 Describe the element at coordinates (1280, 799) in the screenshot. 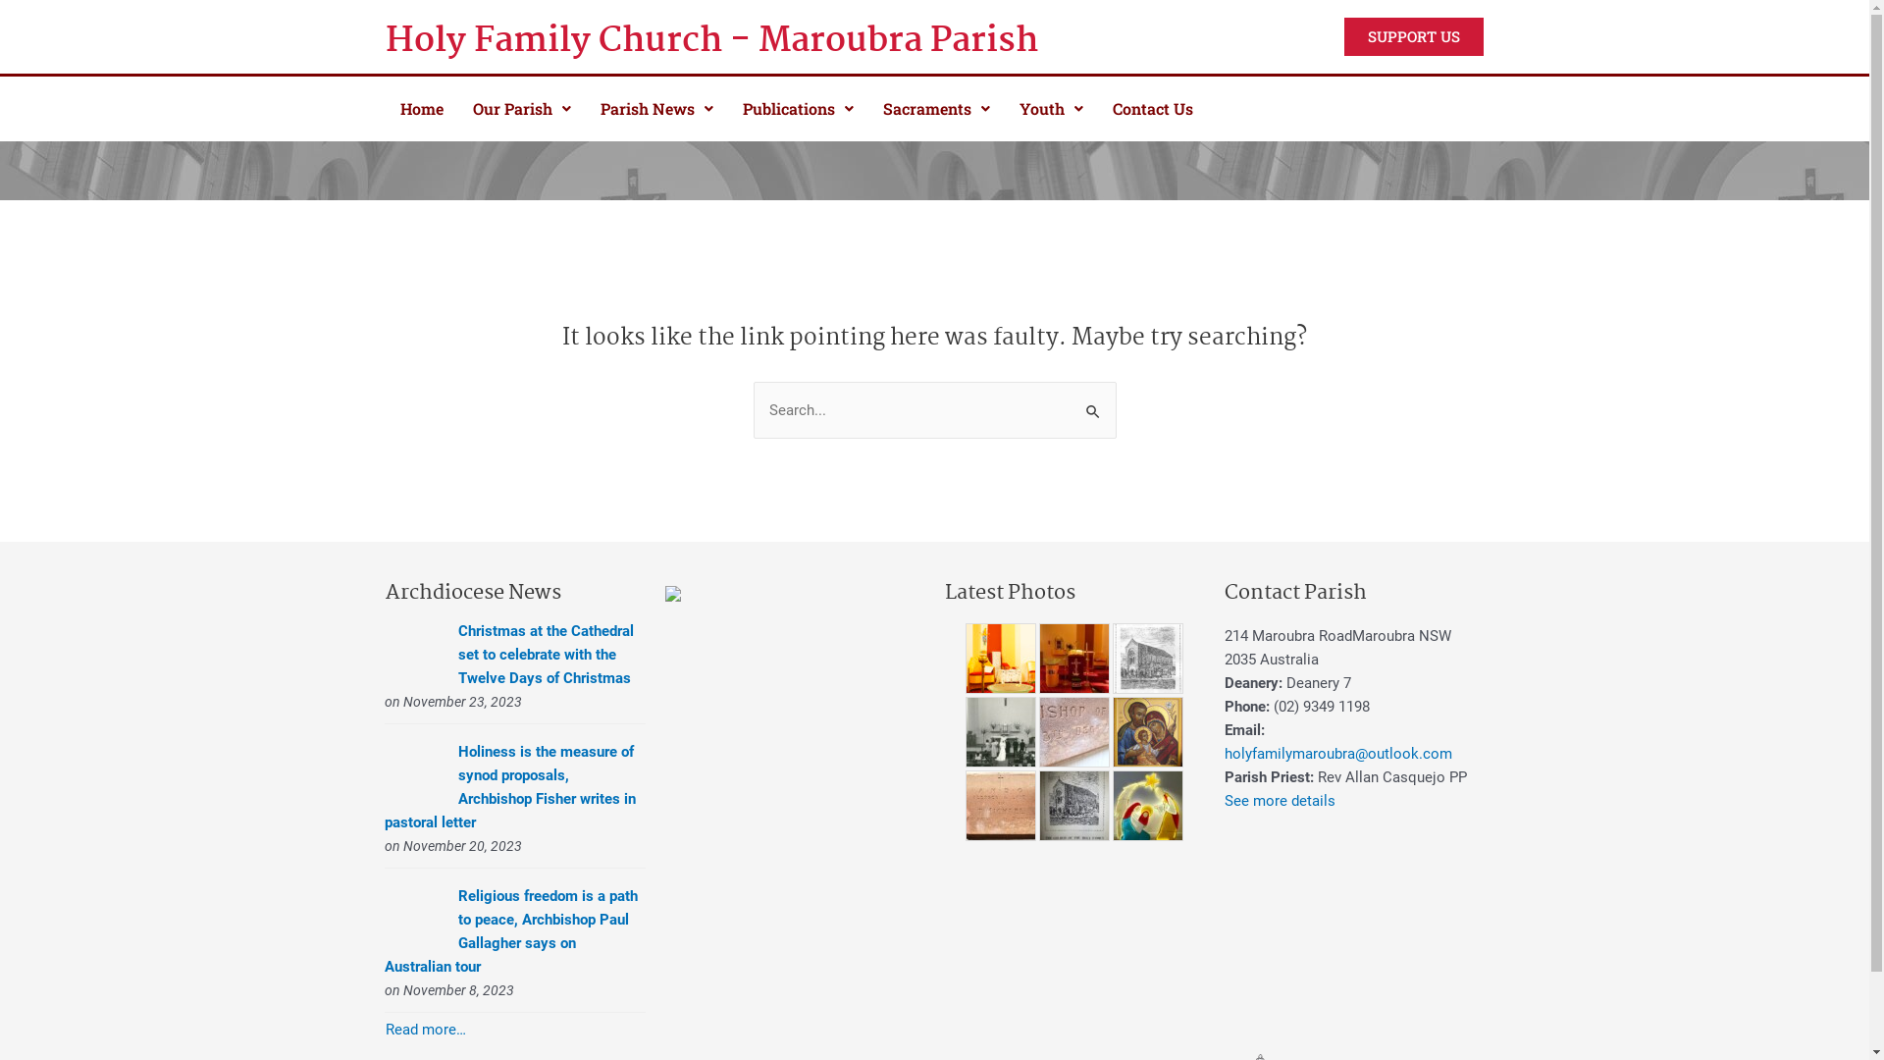

I see `'See more details'` at that location.